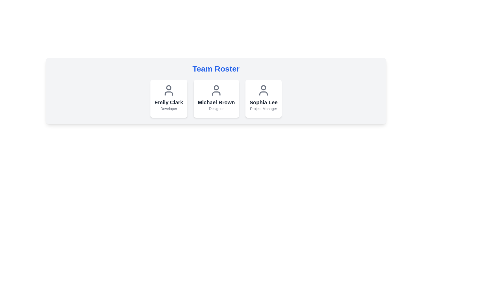 This screenshot has width=504, height=283. Describe the element at coordinates (169, 108) in the screenshot. I see `text label indicating the job title 'Developer' for the individual 'Emily Clark' on the card, which is located below the name and centered horizontally within the card` at that location.